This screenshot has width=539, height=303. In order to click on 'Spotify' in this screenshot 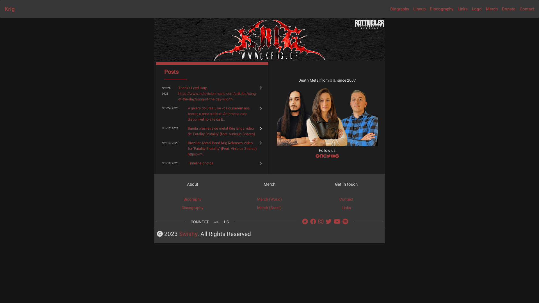, I will do `click(345, 221)`.